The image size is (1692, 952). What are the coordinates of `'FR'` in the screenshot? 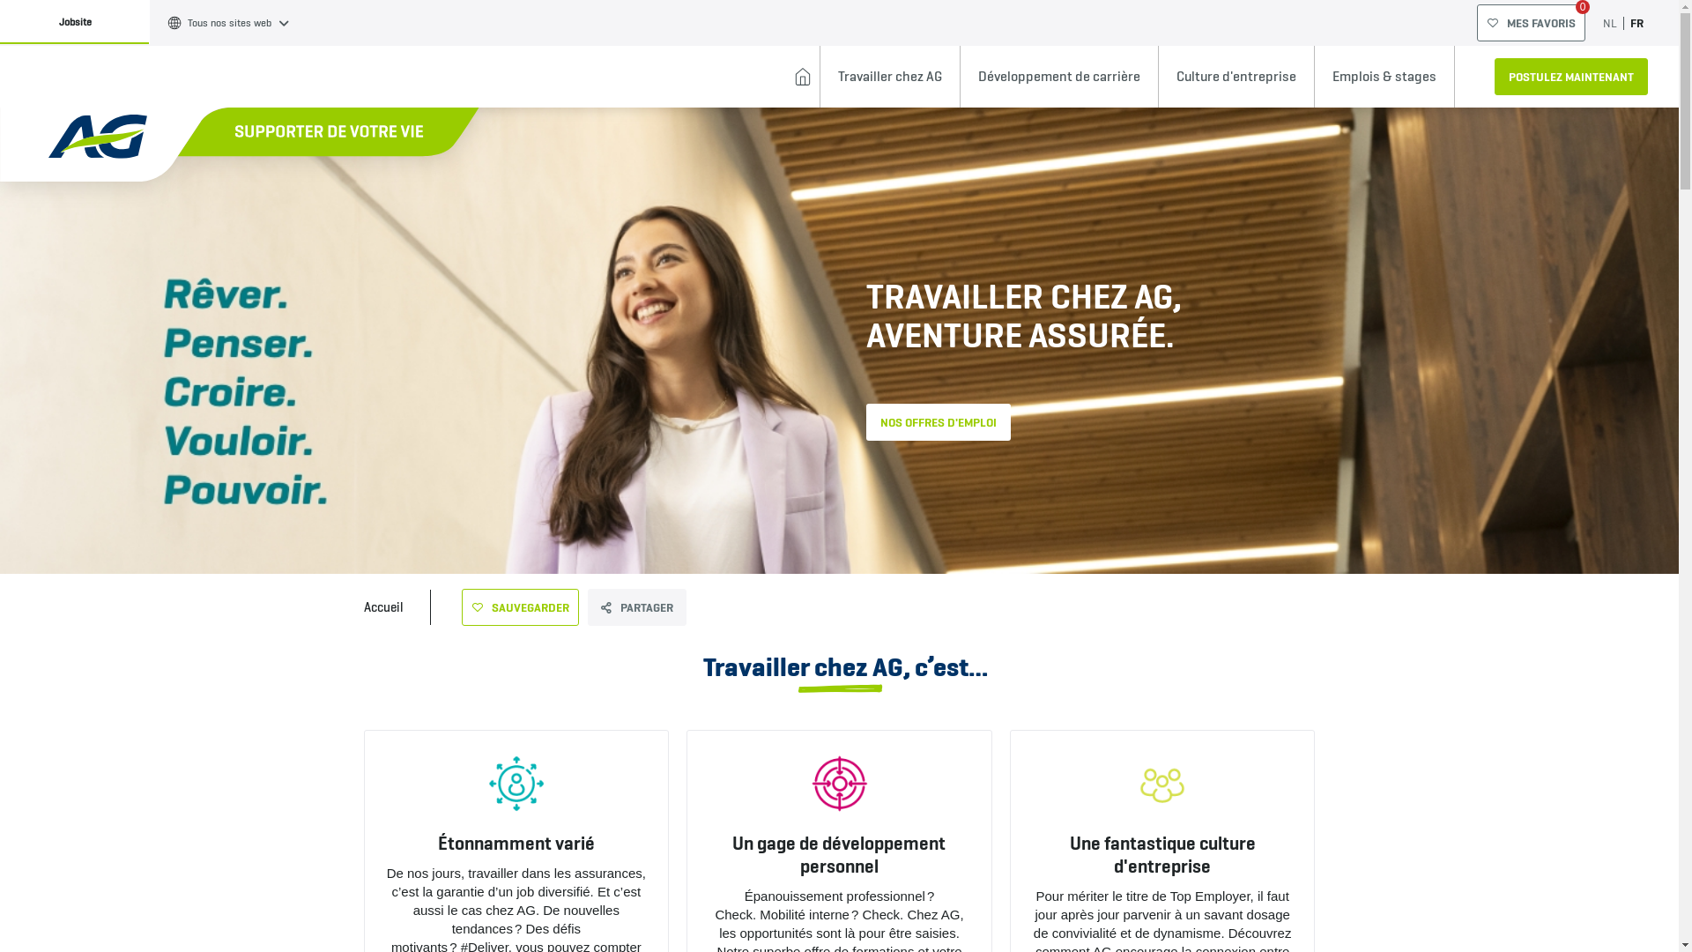 It's located at (1629, 23).